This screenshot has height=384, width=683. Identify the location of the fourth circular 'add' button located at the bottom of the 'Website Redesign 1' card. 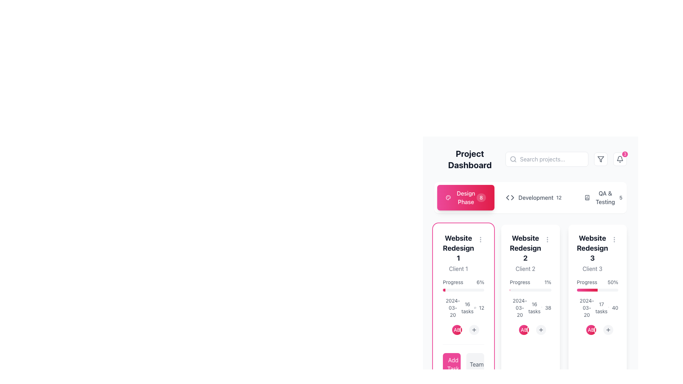
(474, 330).